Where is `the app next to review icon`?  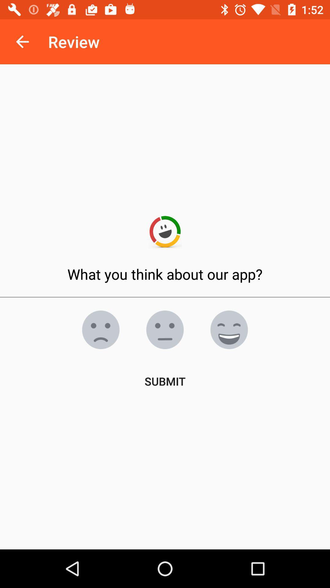 the app next to review icon is located at coordinates (22, 41).